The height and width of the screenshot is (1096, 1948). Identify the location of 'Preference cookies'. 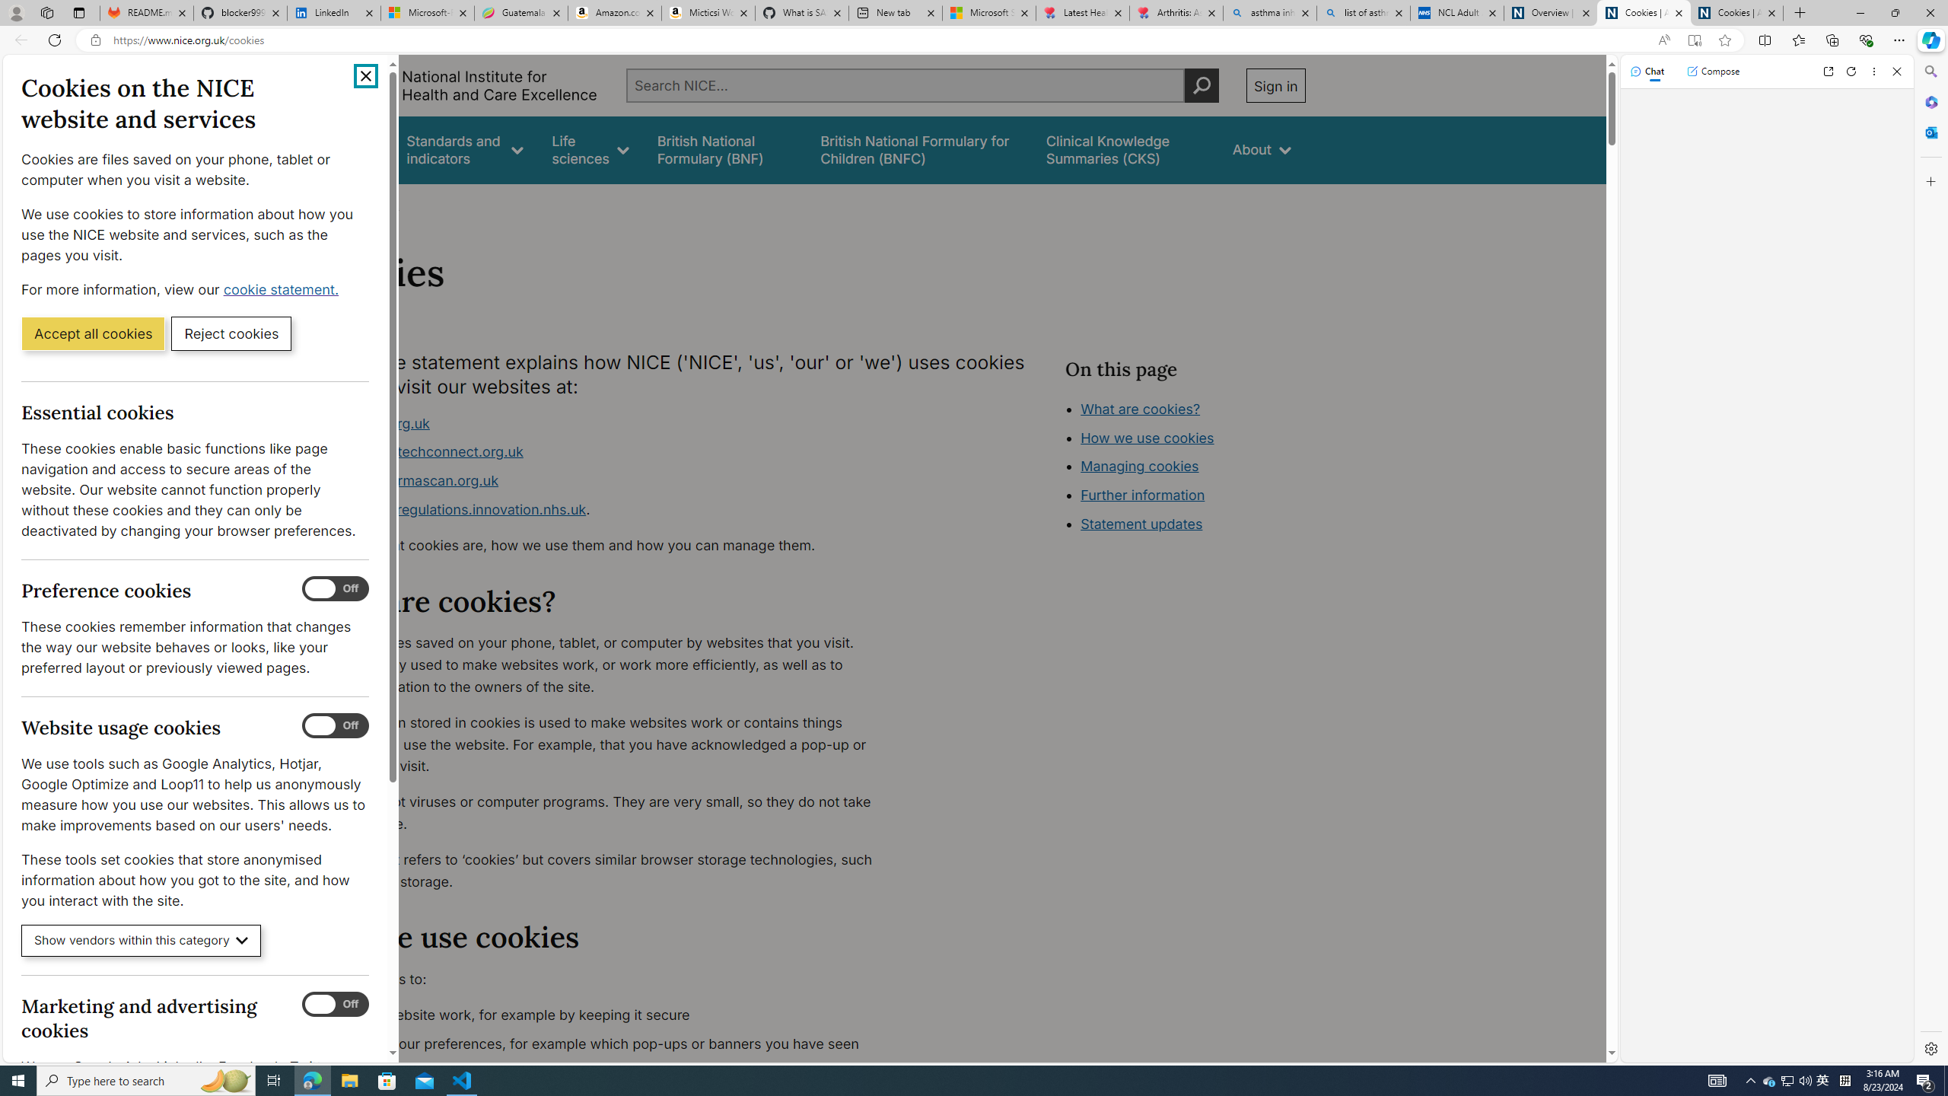
(335, 588).